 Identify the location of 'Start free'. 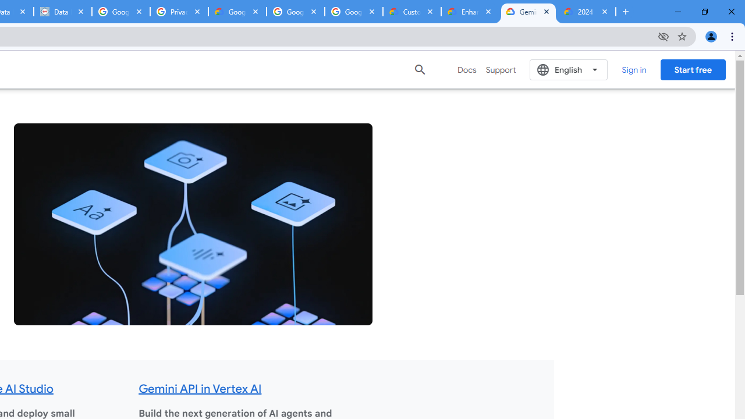
(693, 69).